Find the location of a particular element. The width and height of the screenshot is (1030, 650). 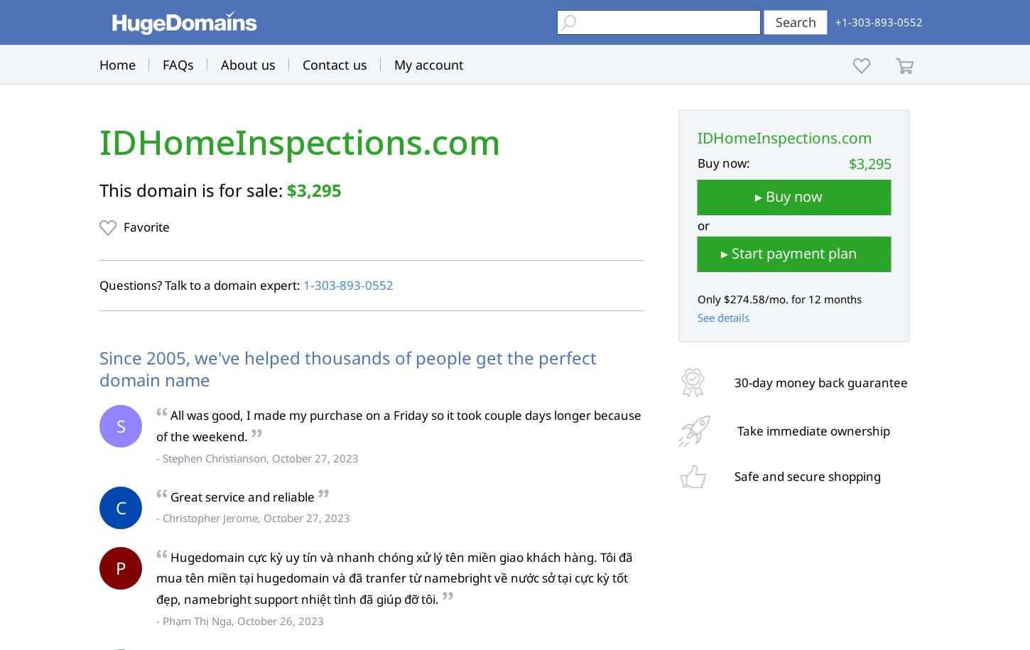

'About us' is located at coordinates (248, 64).